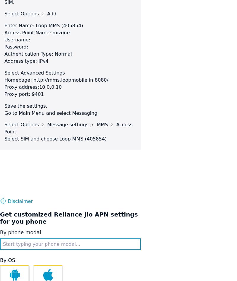  I want to click on 'Password:', so click(4, 47).